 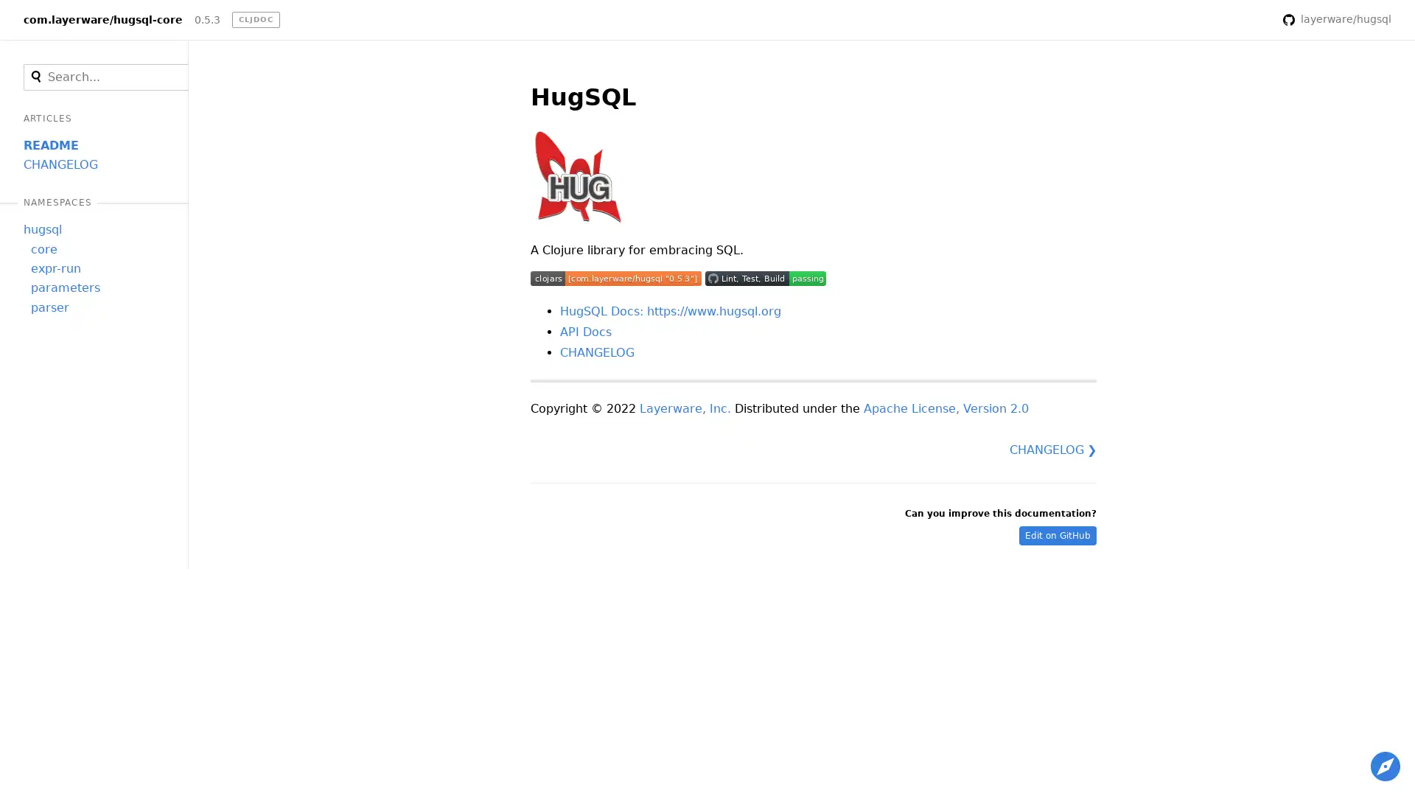 I want to click on rebuild, so click(x=1251, y=20).